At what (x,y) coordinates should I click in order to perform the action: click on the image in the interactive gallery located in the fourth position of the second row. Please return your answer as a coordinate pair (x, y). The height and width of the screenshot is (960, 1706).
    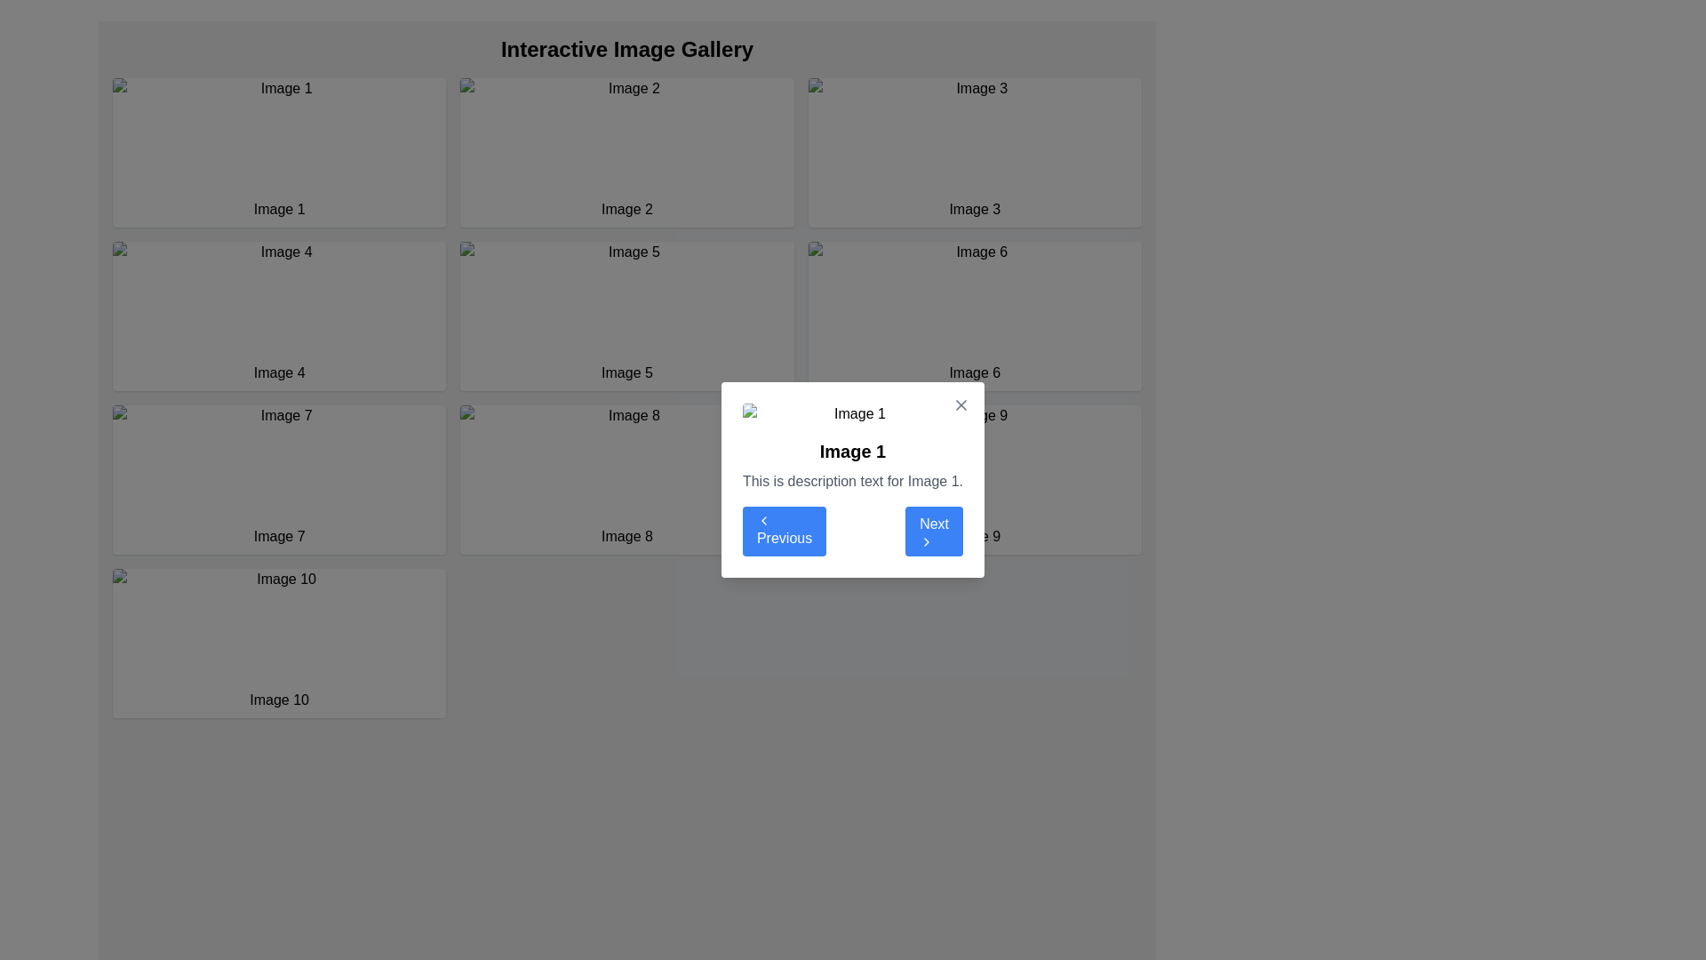
    Looking at the image, I should click on (626, 461).